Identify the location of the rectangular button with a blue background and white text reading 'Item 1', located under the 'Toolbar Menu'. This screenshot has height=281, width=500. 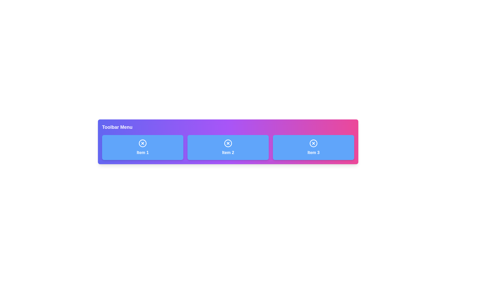
(142, 148).